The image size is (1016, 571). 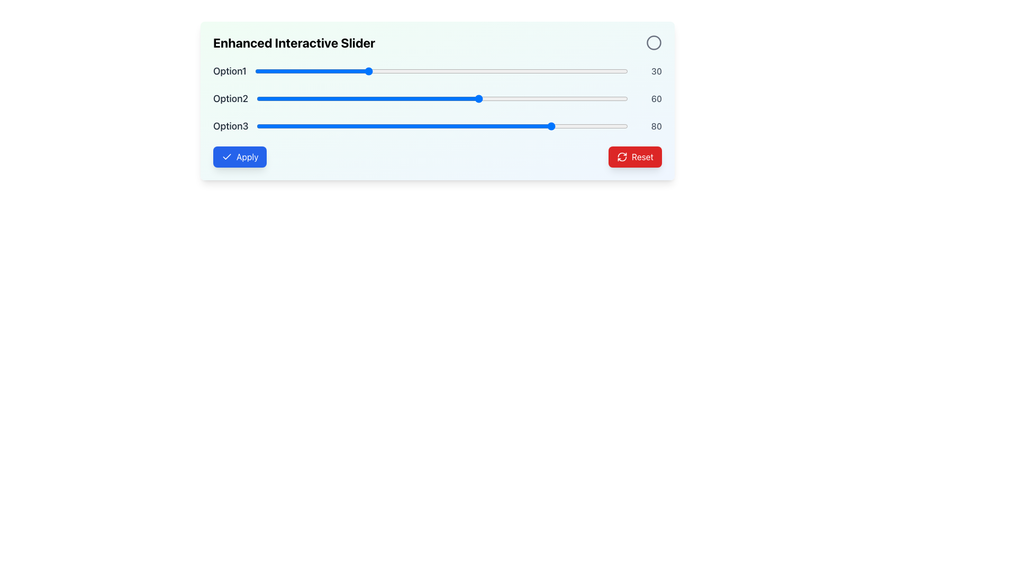 I want to click on the value of the slider, so click(x=456, y=71).